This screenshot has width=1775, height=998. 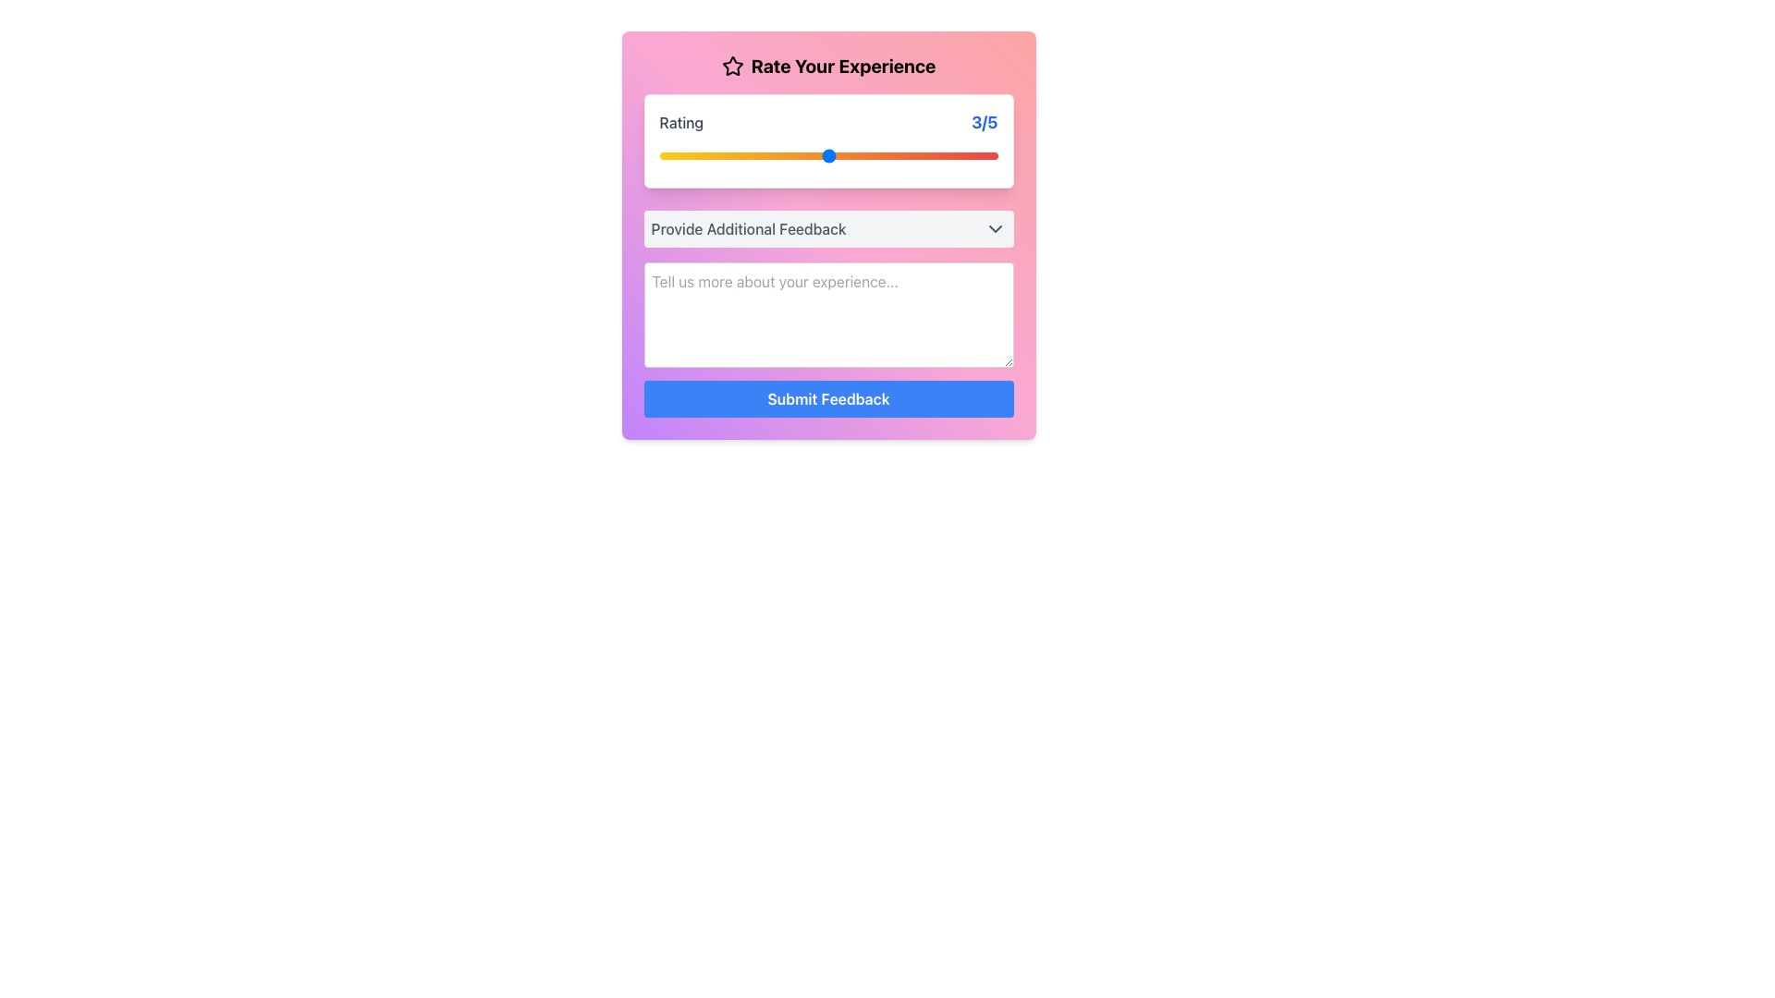 What do you see at coordinates (827, 398) in the screenshot?
I see `the submit button located in the lower section of the card structure` at bounding box center [827, 398].